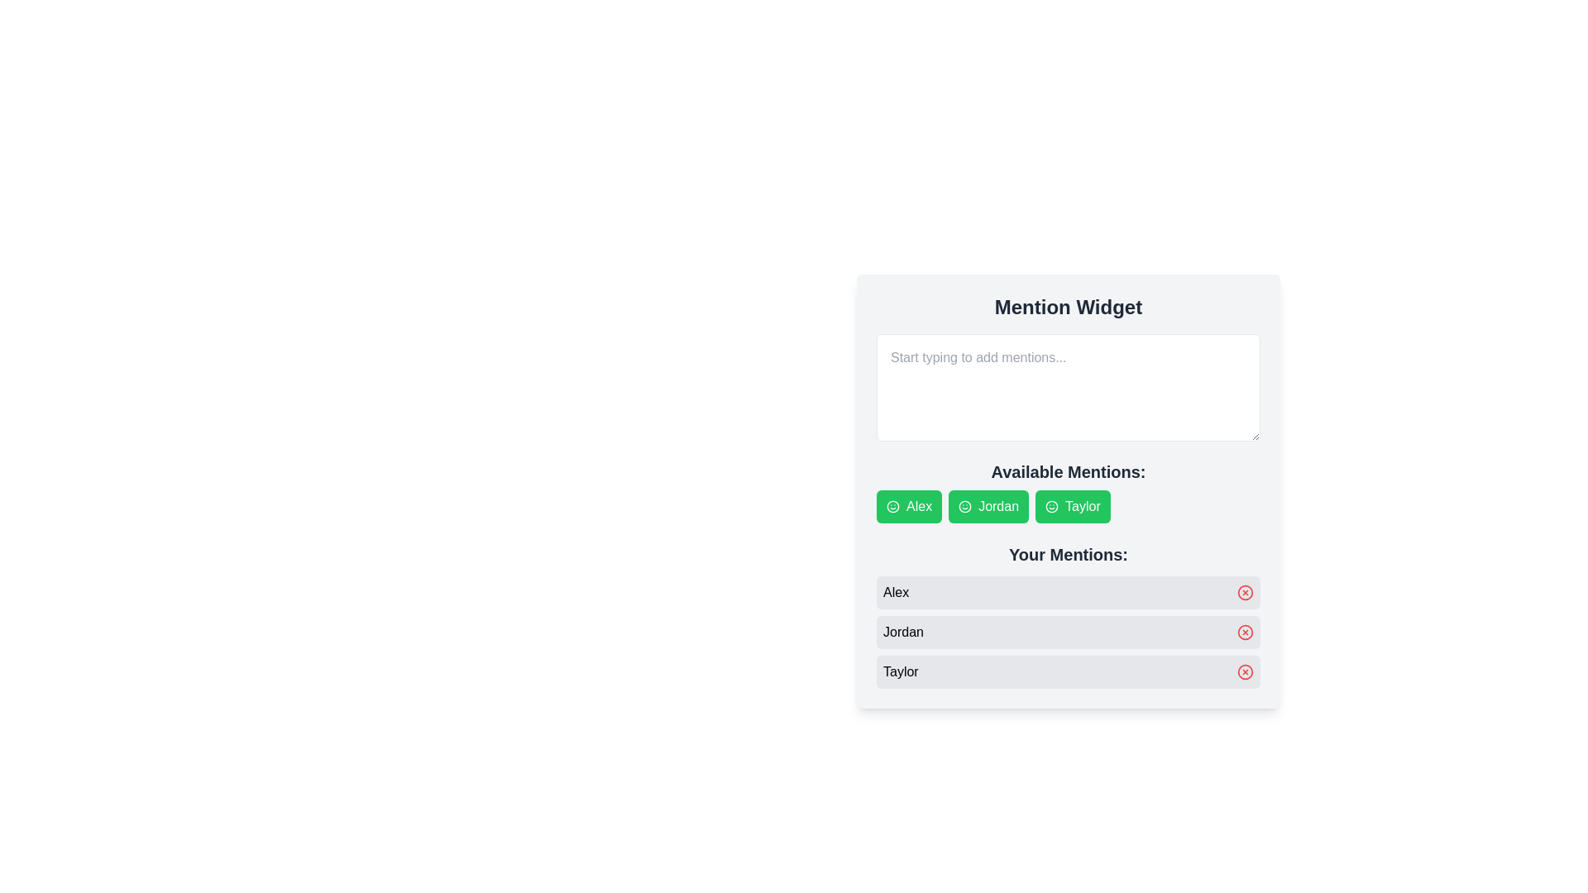  Describe the element at coordinates (1051, 506) in the screenshot. I see `the positive sentiment icon located to the left of the text 'Taylor' within the green background button in the 'Available Mentions' section` at that location.